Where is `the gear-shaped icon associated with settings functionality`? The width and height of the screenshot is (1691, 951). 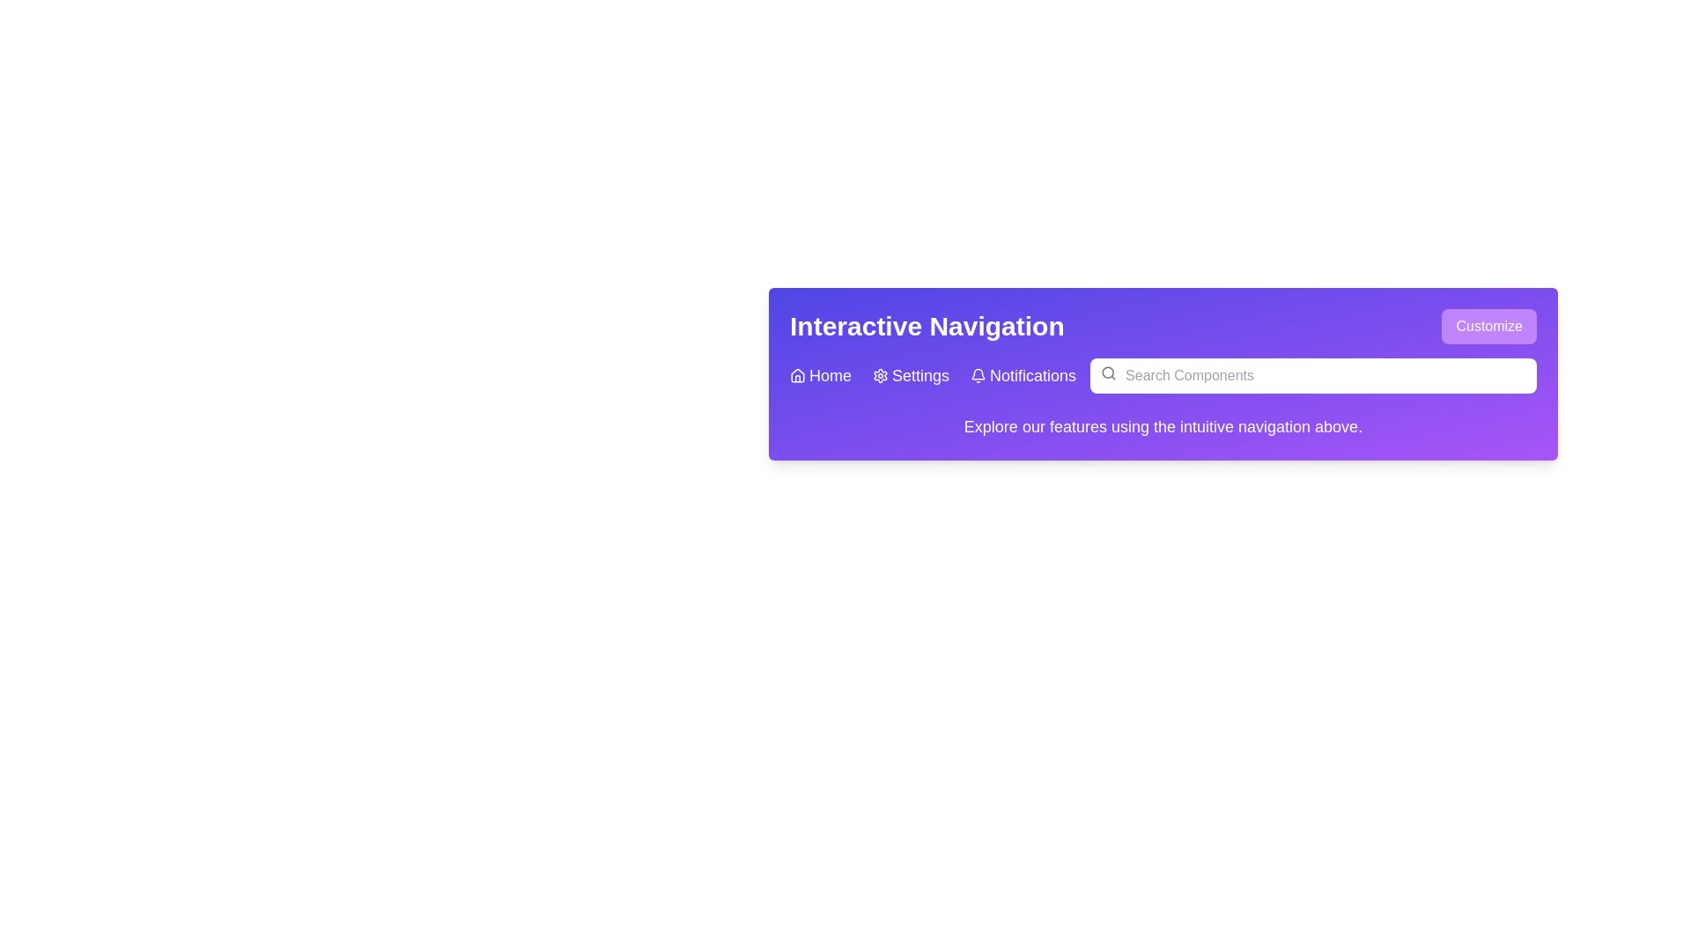 the gear-shaped icon associated with settings functionality is located at coordinates (880, 375).